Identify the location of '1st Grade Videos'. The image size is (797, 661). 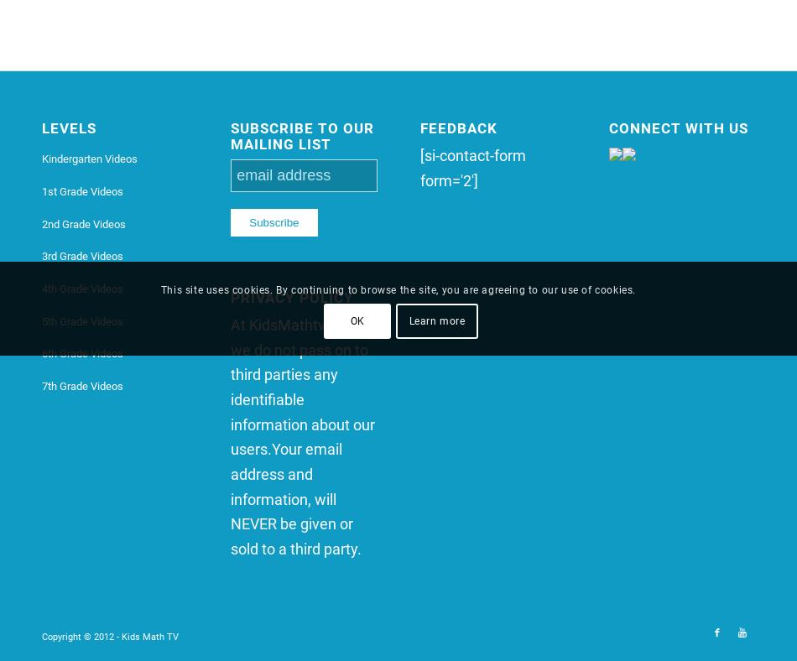
(82, 190).